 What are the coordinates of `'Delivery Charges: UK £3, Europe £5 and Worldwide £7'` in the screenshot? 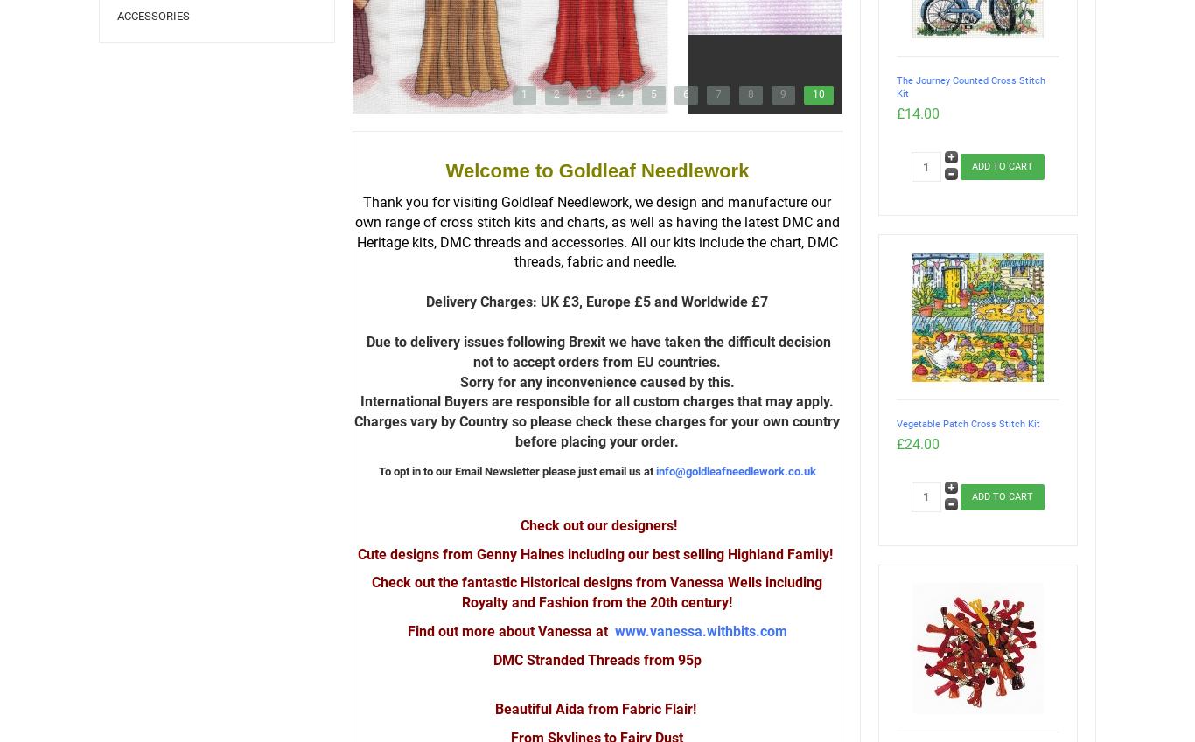 It's located at (596, 302).